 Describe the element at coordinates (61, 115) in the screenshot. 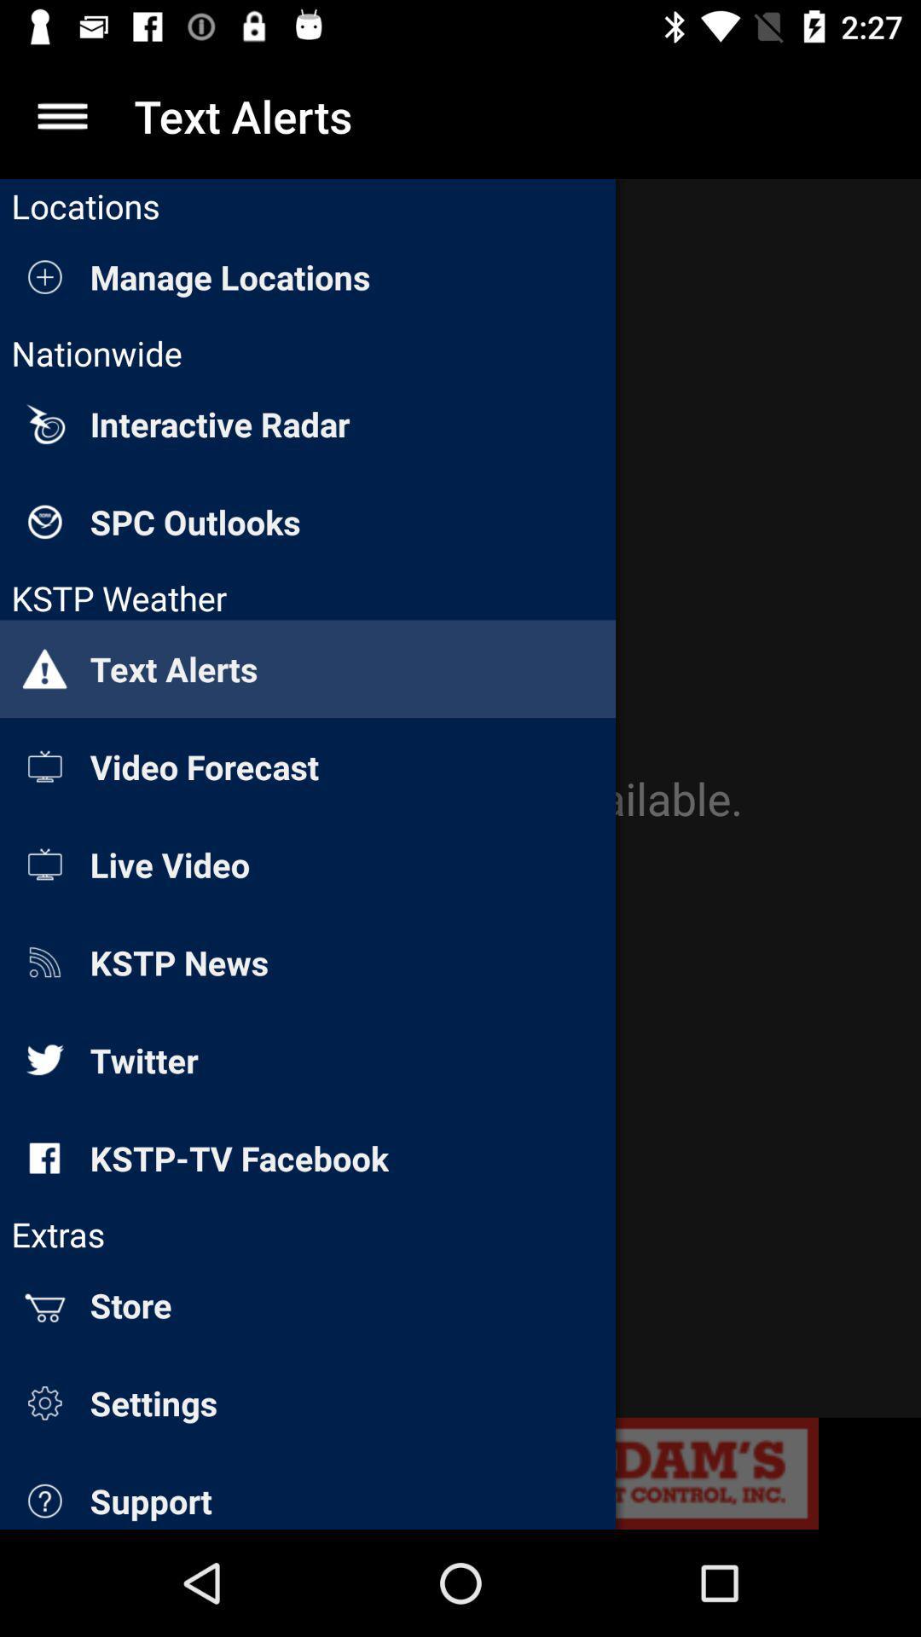

I see `the menu icon` at that location.